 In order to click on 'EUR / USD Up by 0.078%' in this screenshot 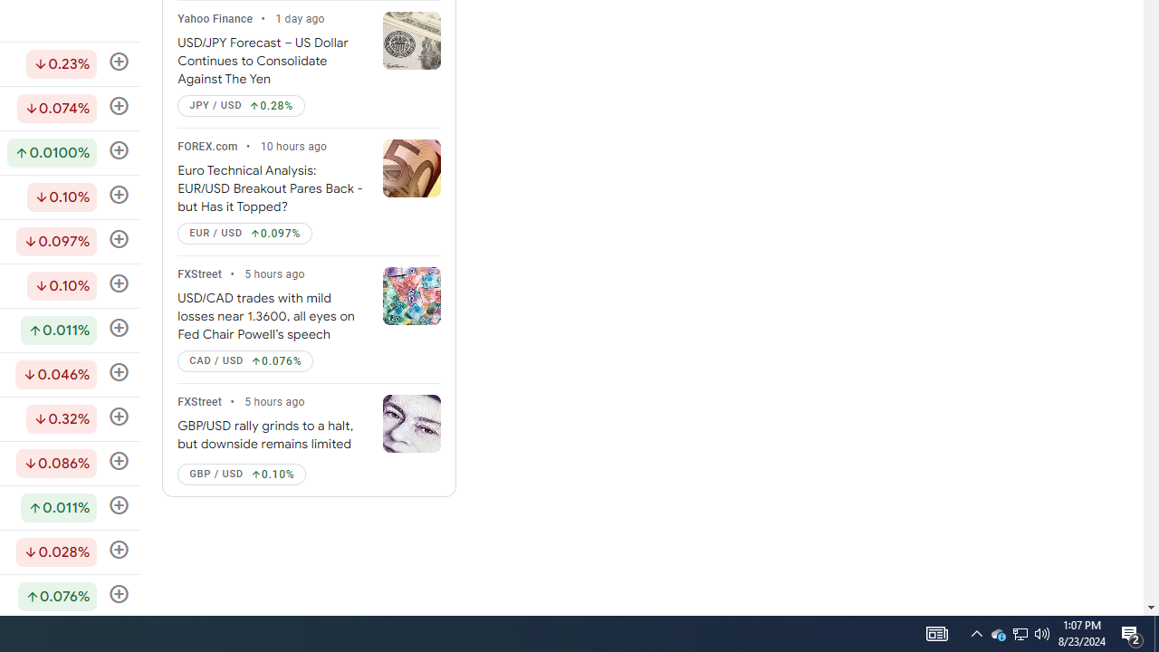, I will do `click(244, 233)`.